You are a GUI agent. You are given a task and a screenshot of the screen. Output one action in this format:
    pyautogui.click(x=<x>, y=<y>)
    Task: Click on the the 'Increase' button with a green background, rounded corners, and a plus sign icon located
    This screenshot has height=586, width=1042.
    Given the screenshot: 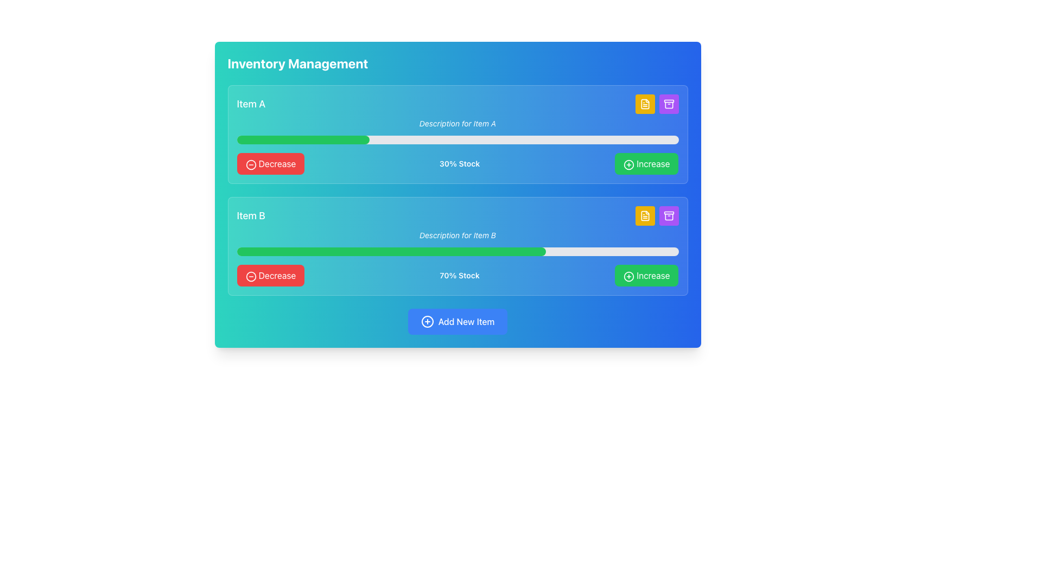 What is the action you would take?
    pyautogui.click(x=646, y=275)
    